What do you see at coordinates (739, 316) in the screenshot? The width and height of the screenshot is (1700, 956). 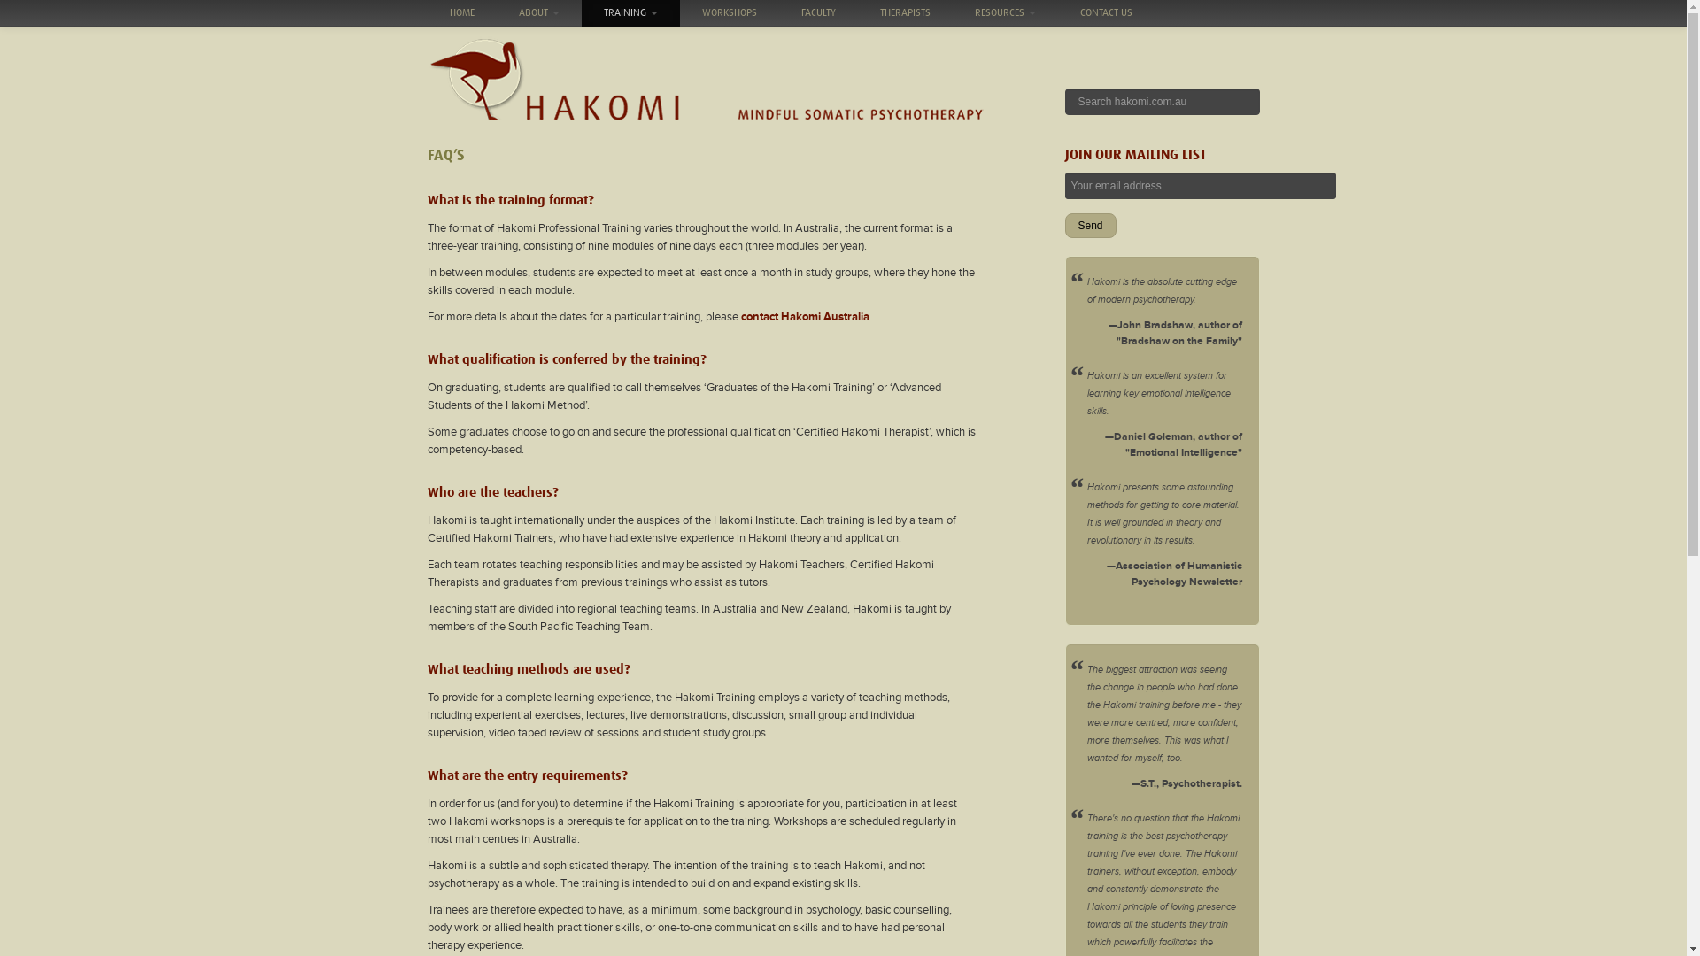 I see `'contact Hakomi Australia'` at bounding box center [739, 316].